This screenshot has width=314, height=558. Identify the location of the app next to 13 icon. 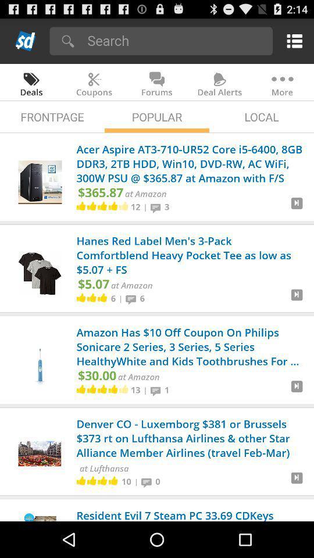
(145, 390).